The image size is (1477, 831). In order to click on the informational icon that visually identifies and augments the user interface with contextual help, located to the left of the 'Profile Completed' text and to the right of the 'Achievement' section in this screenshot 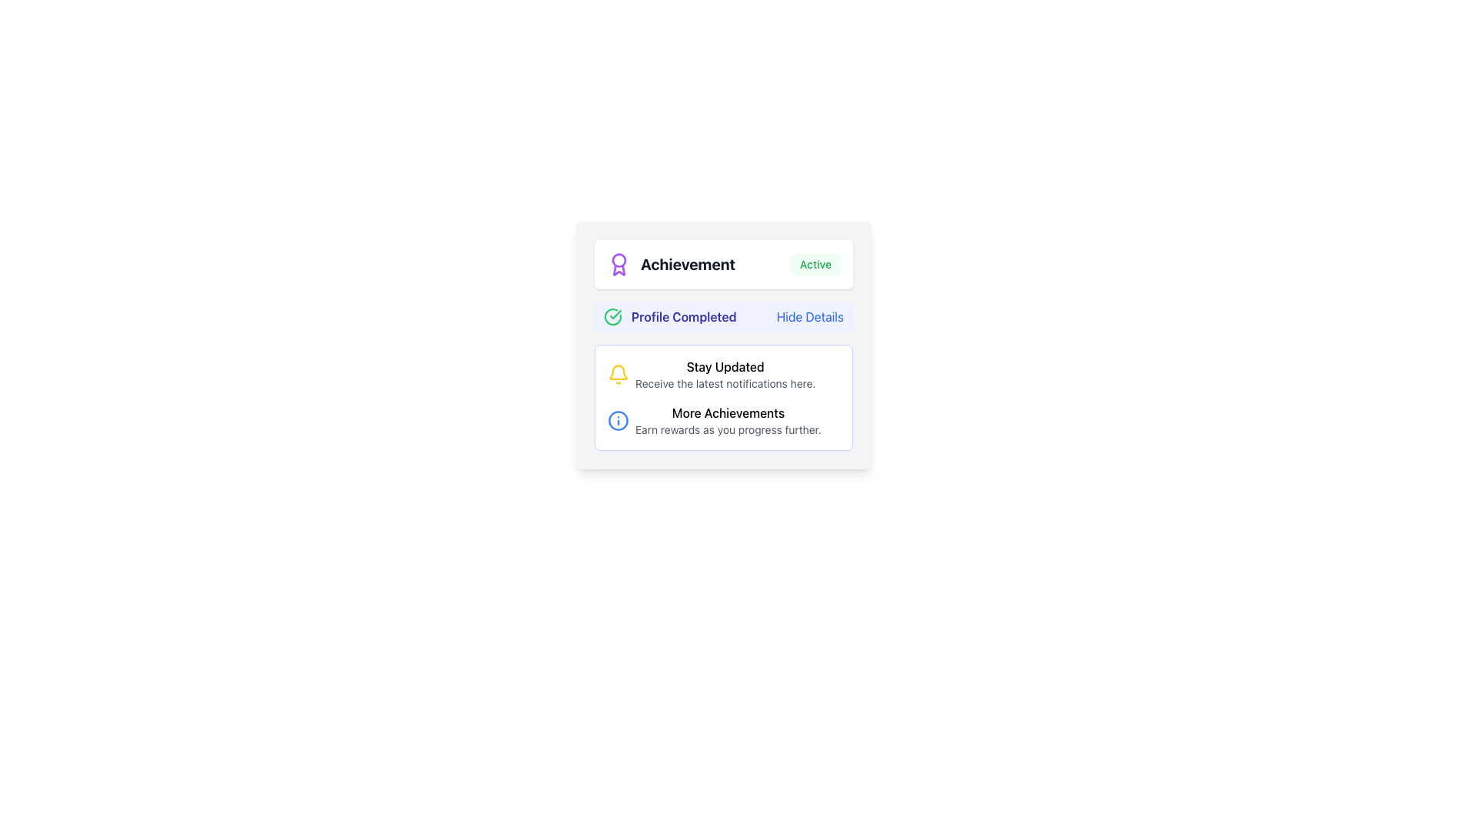, I will do `click(618, 421)`.